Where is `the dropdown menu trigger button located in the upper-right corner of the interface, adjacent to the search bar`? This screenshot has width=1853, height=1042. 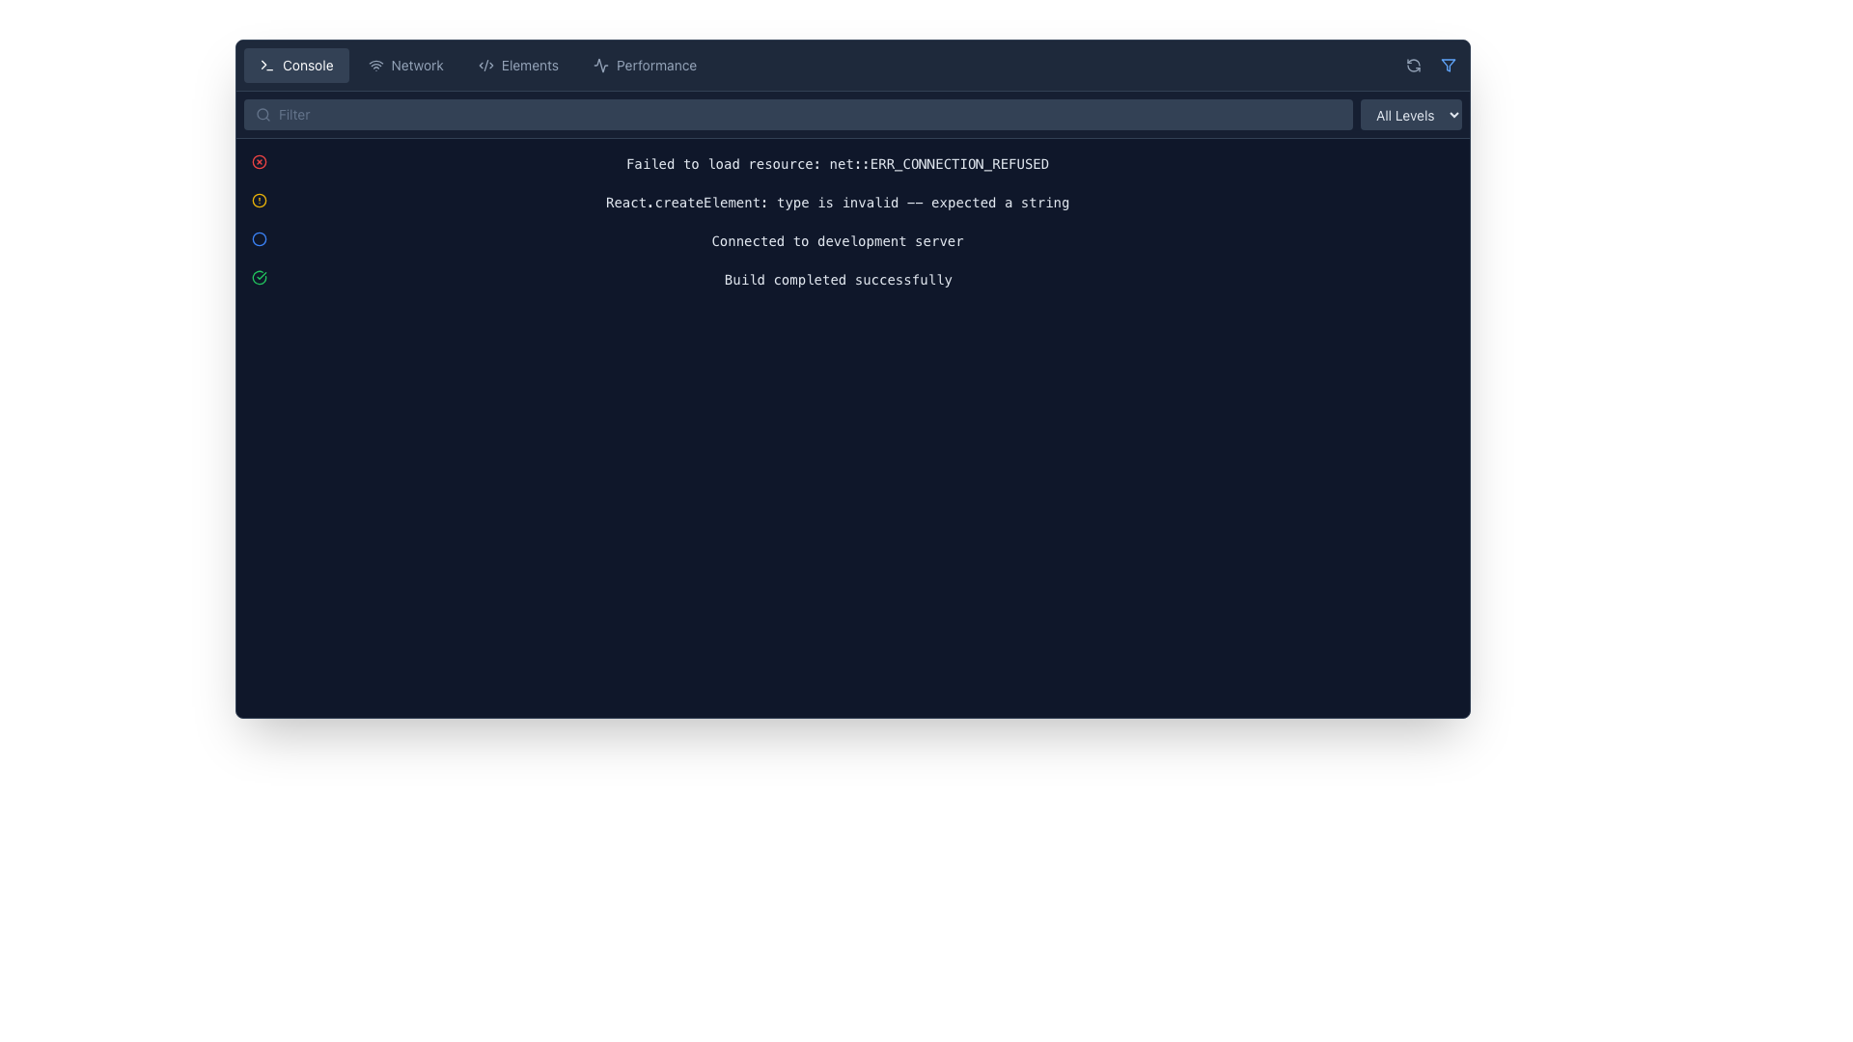 the dropdown menu trigger button located in the upper-right corner of the interface, adjacent to the search bar is located at coordinates (1411, 115).